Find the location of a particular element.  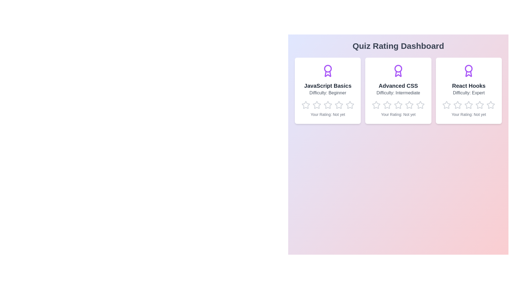

the star corresponding to the rating 2 for the quiz React Hooks is located at coordinates (453, 101).